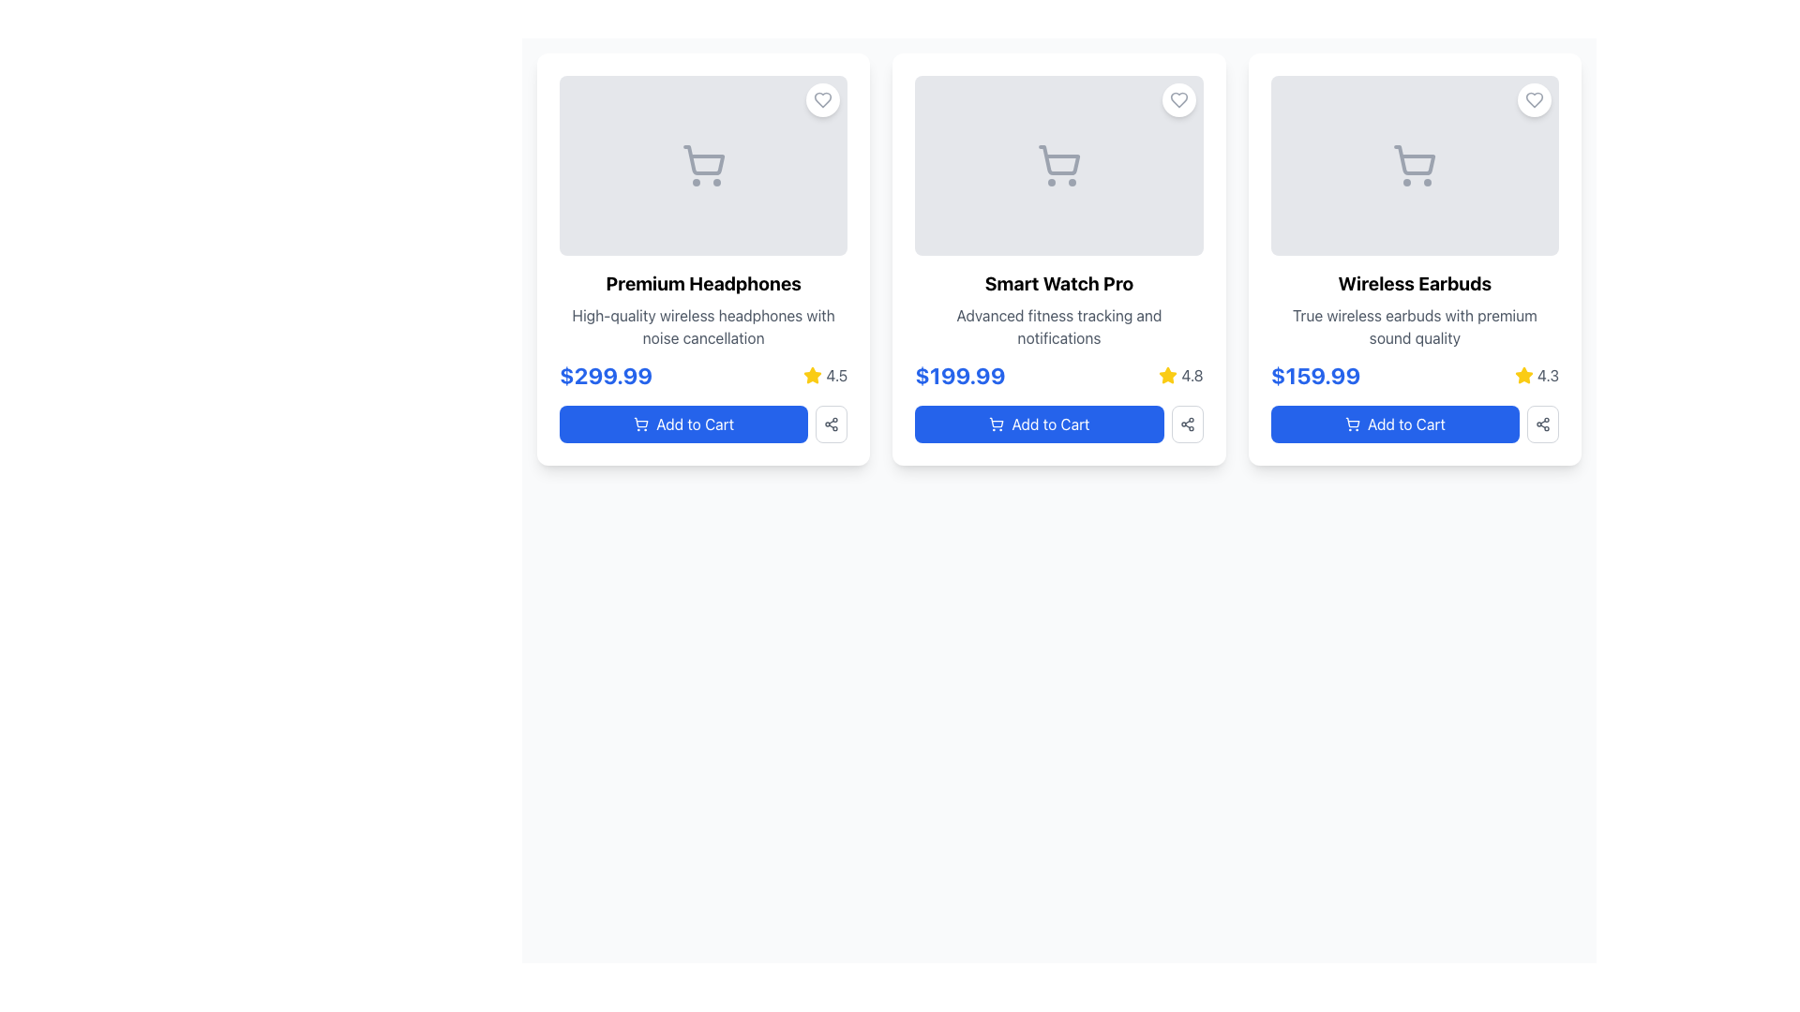  Describe the element at coordinates (682, 424) in the screenshot. I see `the 'Add to Cart' button, which is a blue rectangular button with white text and rounded corners, located at the bottom of the first product card` at that location.